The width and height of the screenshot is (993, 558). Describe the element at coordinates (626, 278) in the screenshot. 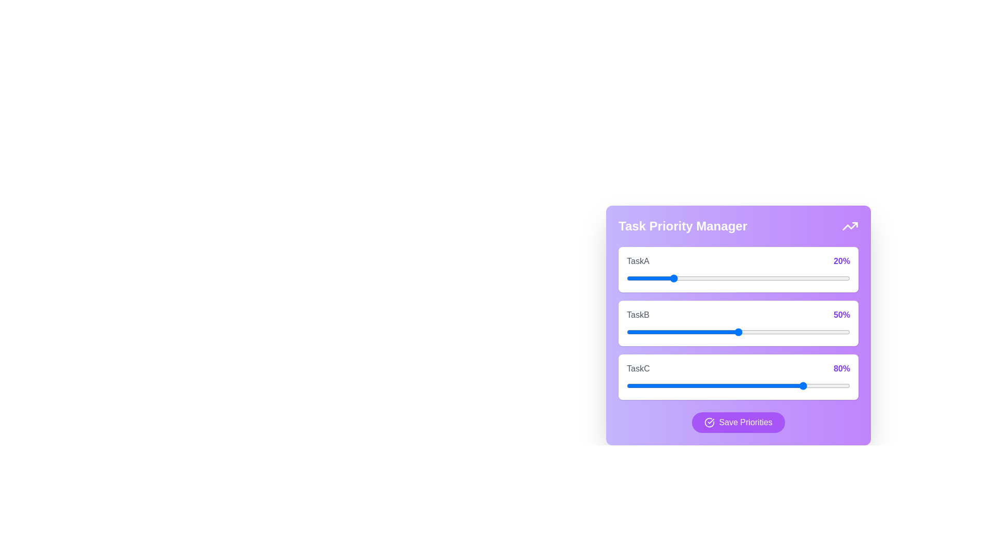

I see `the priority of TaskA to 0%` at that location.